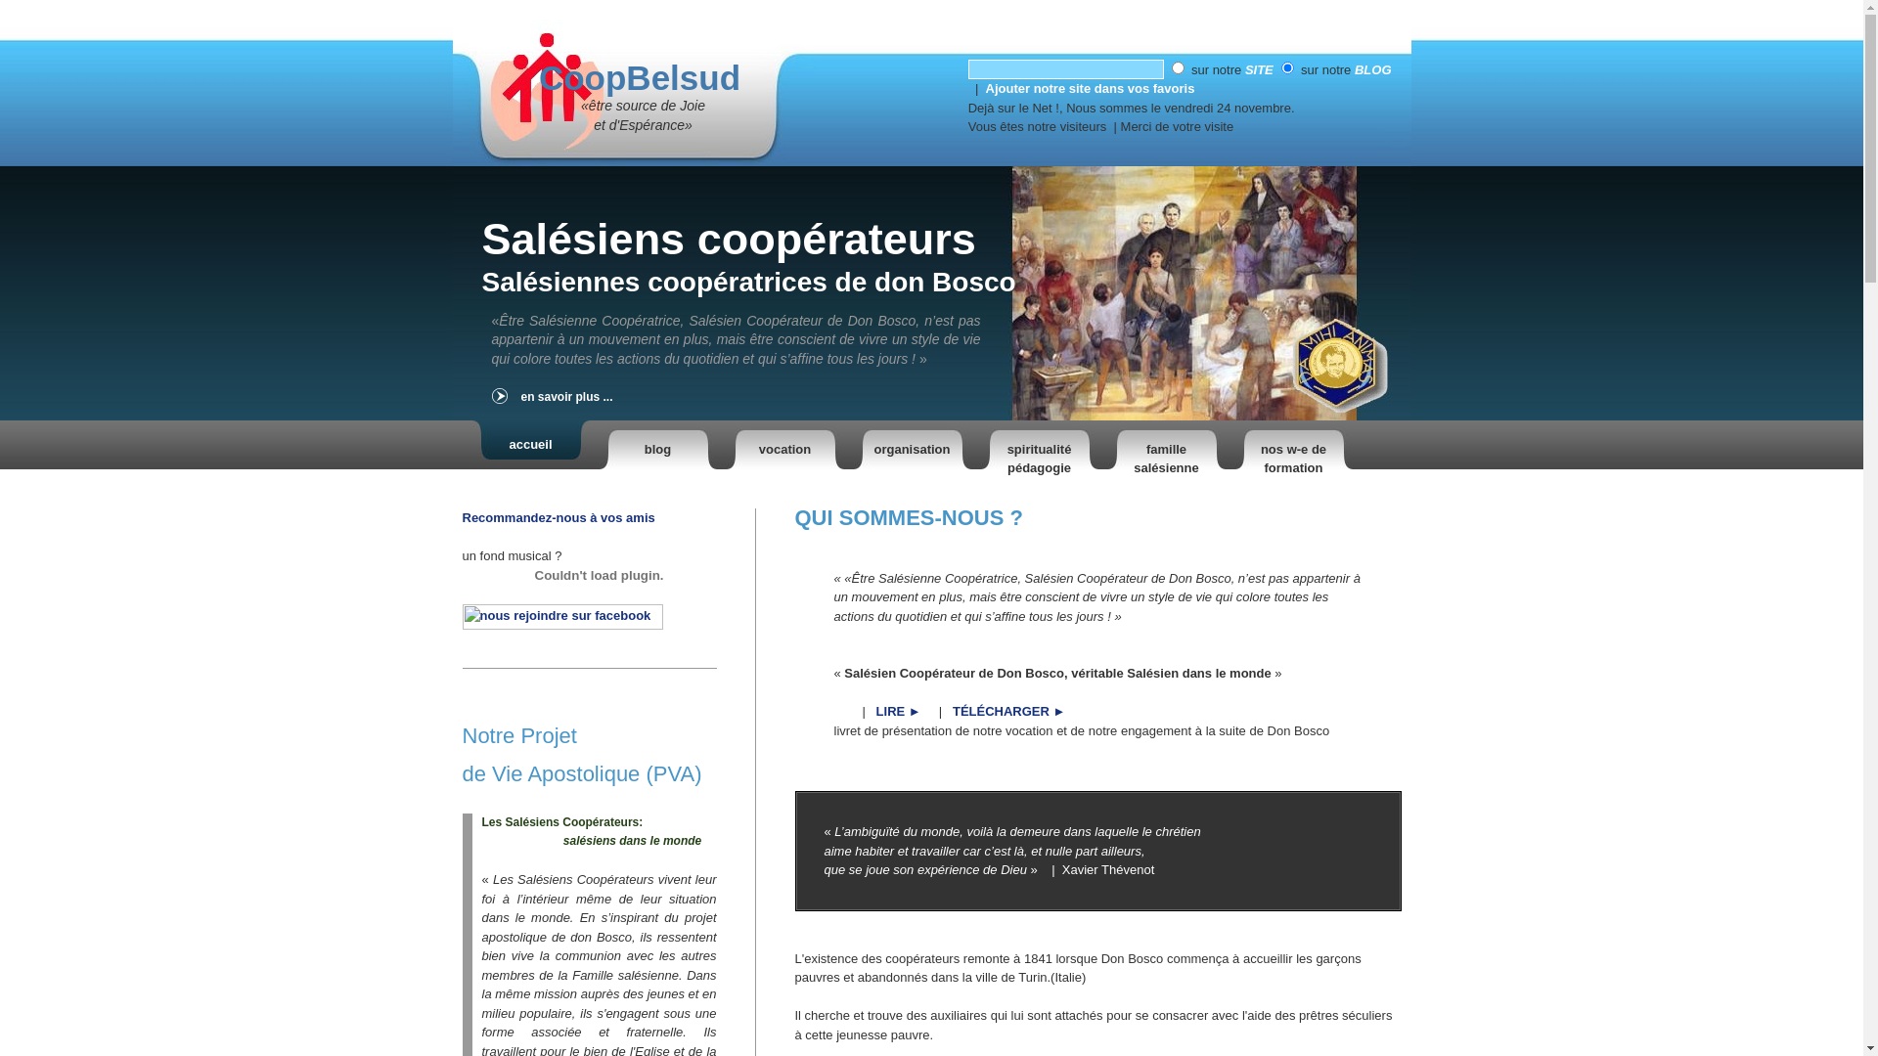 The image size is (1878, 1056). I want to click on 'en savoir plus ...', so click(603, 397).